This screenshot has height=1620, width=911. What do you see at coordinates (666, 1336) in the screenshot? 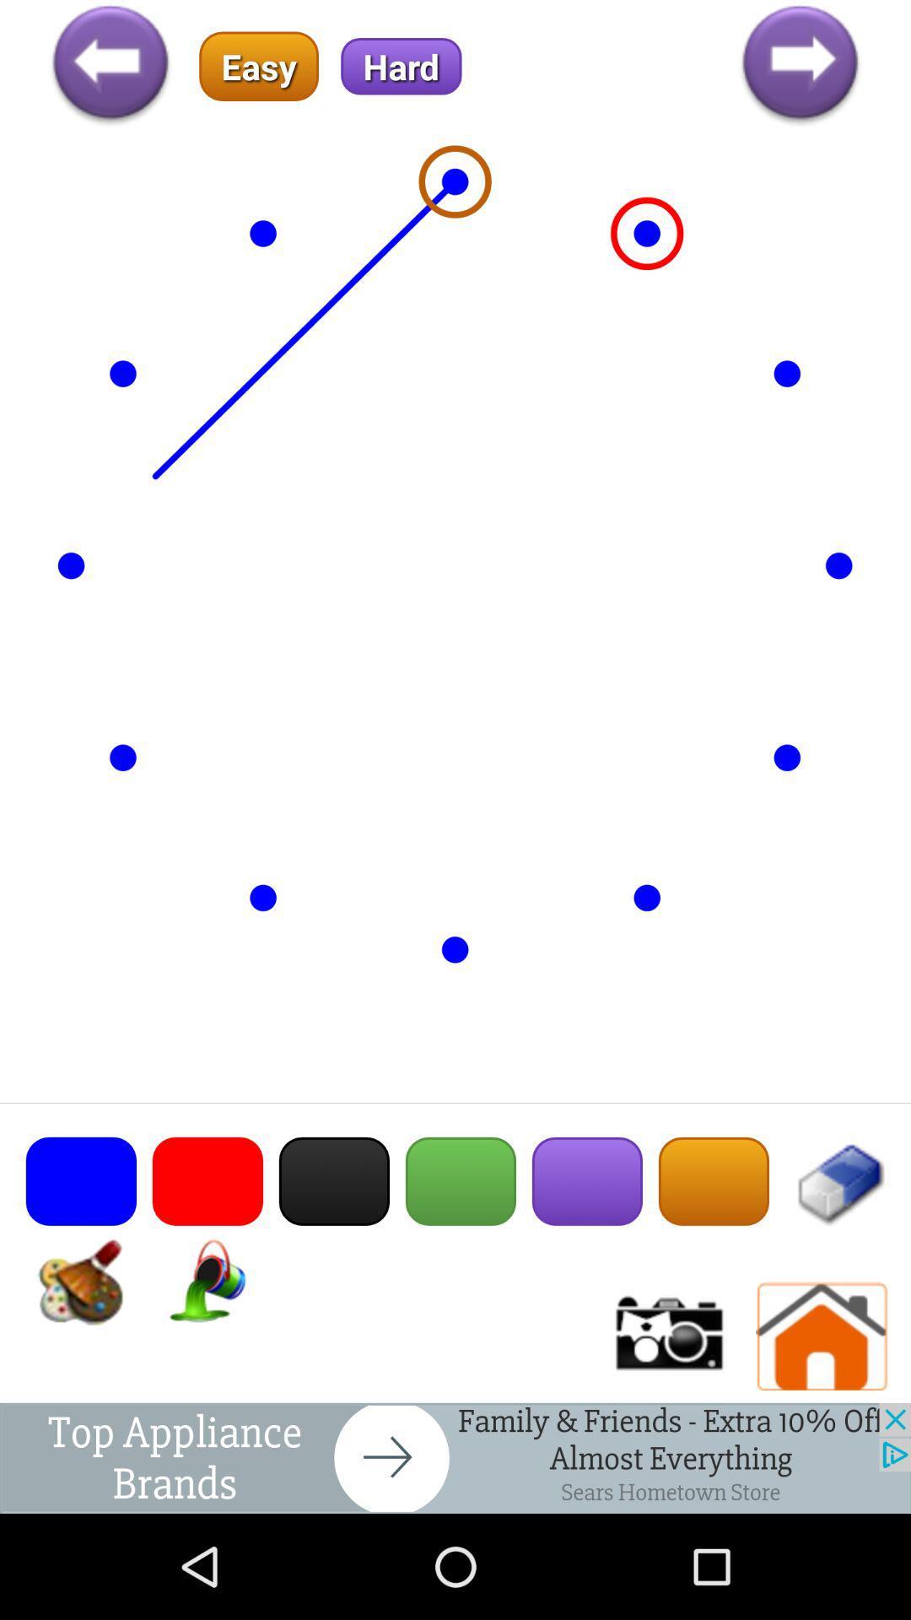
I see `camera` at bounding box center [666, 1336].